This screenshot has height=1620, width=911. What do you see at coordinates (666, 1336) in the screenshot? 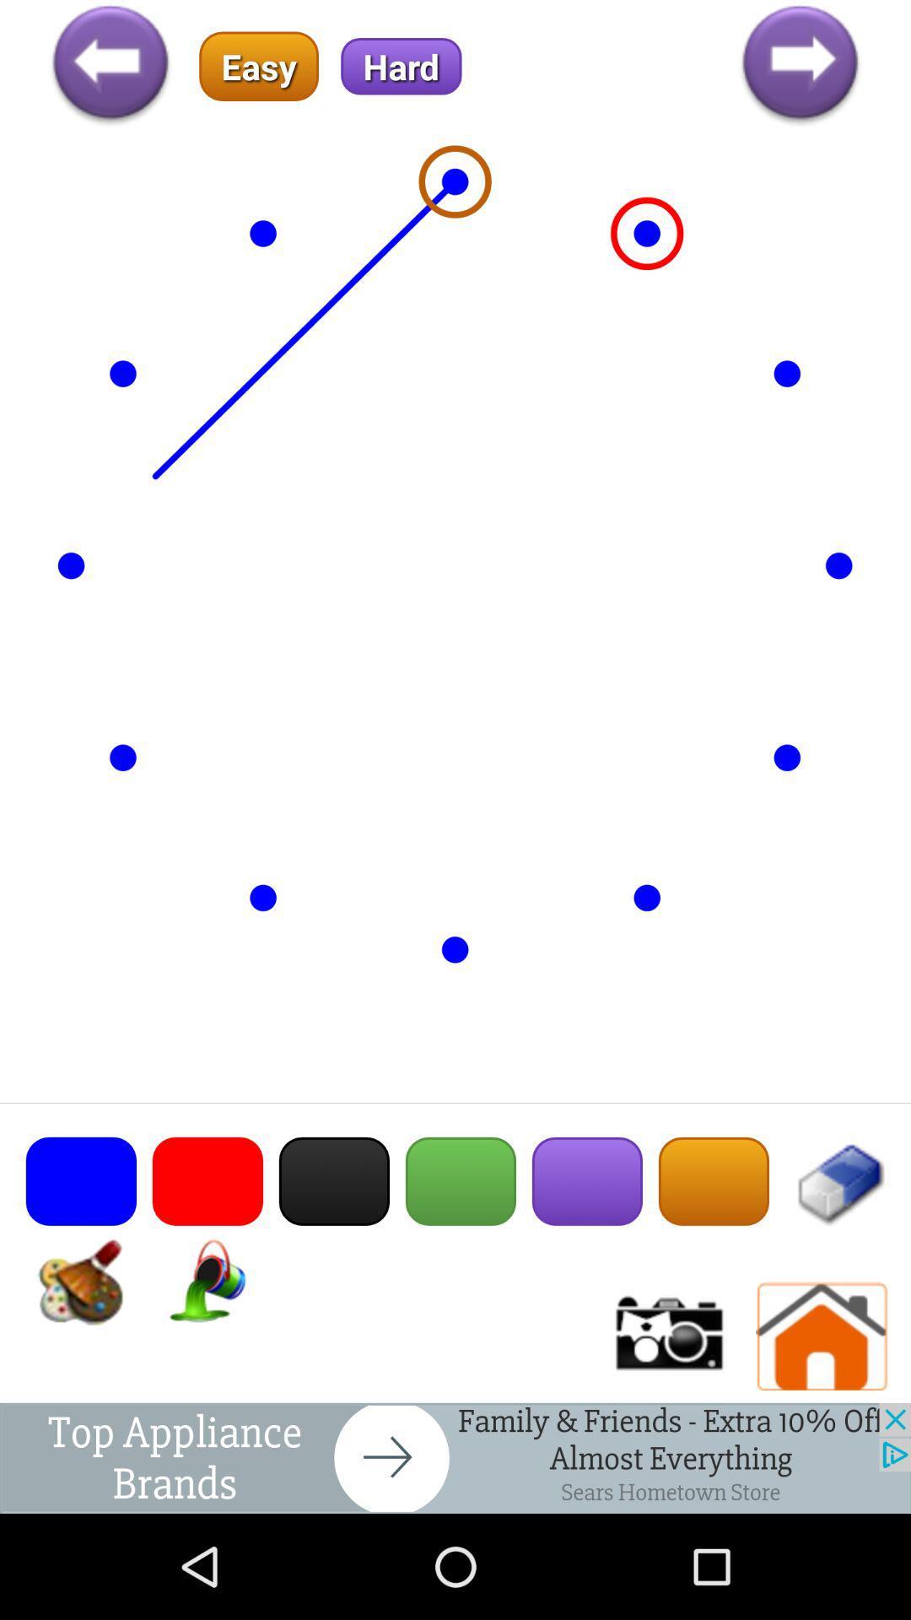
I see `camera` at bounding box center [666, 1336].